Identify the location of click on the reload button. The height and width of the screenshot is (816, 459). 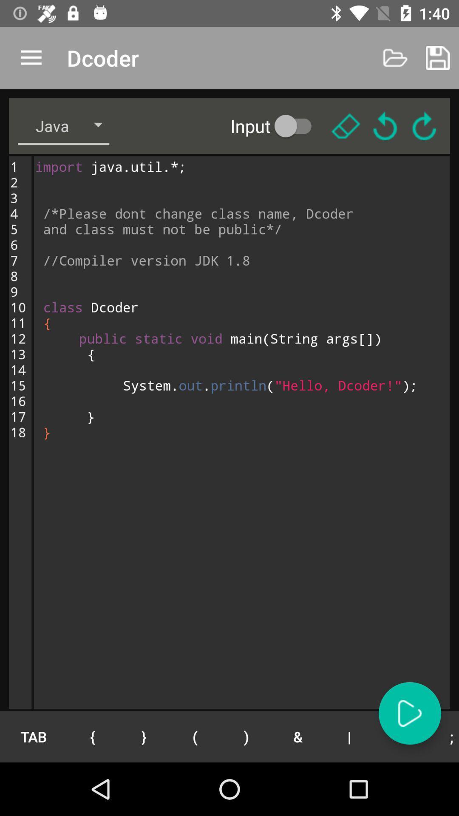
(385, 125).